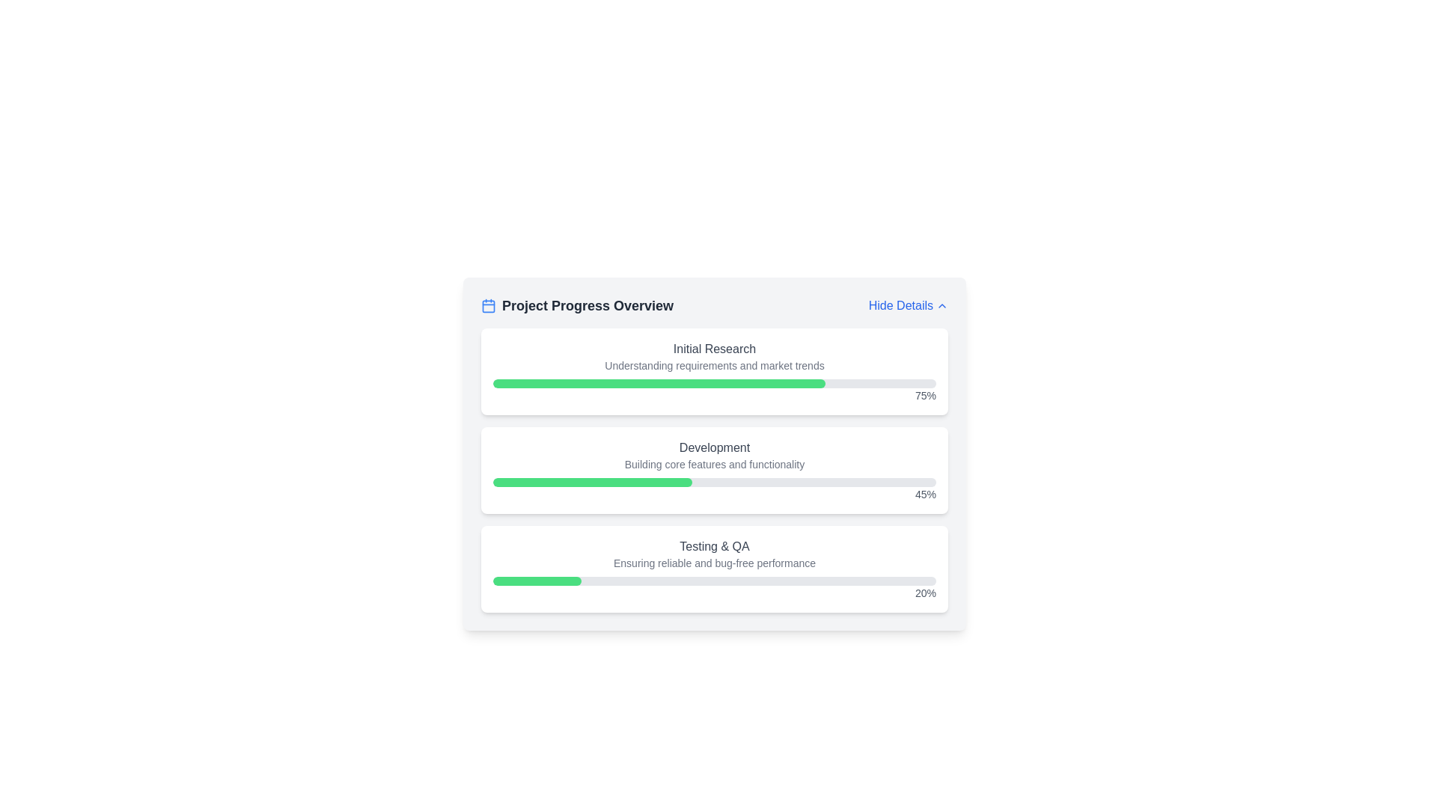  Describe the element at coordinates (714, 447) in the screenshot. I see `the text label reading 'Development' which is styled with a medium-sized gray bold font, located at the center of a card layout above a descriptive statement and a progress bar` at that location.